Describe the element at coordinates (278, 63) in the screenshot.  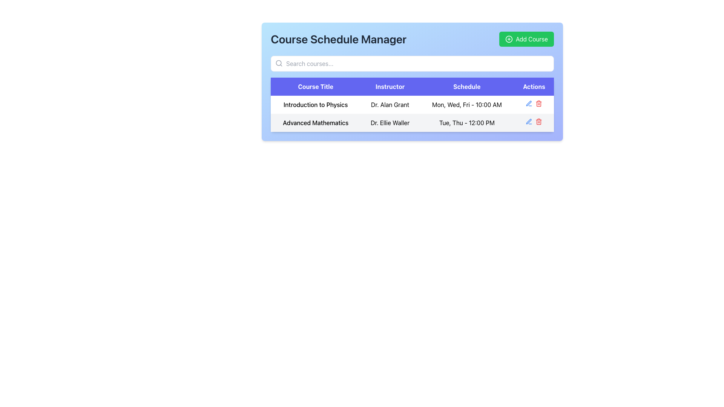
I see `the magnifying glass icon representing the search action, located on the left side of the text input field for the Course Schedule Manager` at that location.